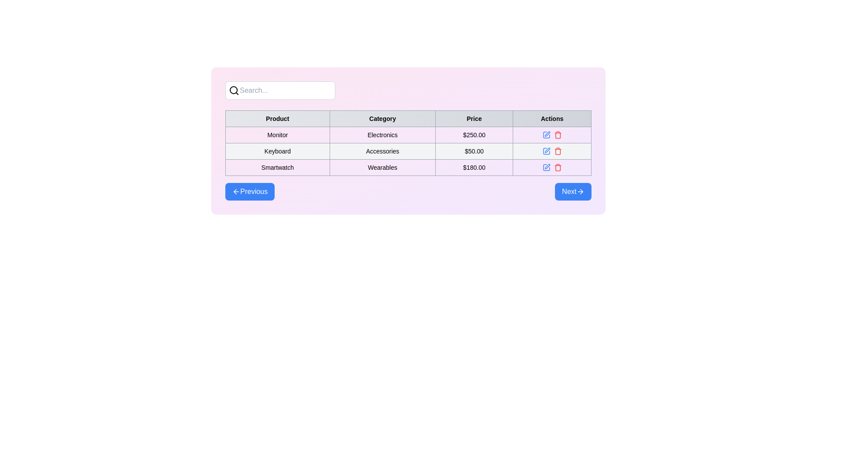  Describe the element at coordinates (547, 166) in the screenshot. I see `the edit action button, which is represented by a pen icon in the 'Actions' column of the table for the 'Smartwatch' entry` at that location.